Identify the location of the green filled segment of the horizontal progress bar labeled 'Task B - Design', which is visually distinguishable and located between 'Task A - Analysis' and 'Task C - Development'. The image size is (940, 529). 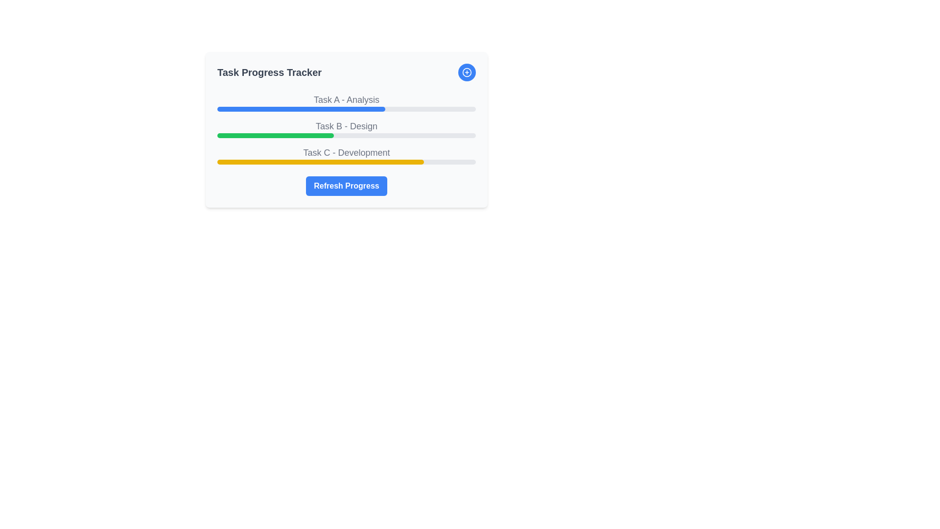
(275, 136).